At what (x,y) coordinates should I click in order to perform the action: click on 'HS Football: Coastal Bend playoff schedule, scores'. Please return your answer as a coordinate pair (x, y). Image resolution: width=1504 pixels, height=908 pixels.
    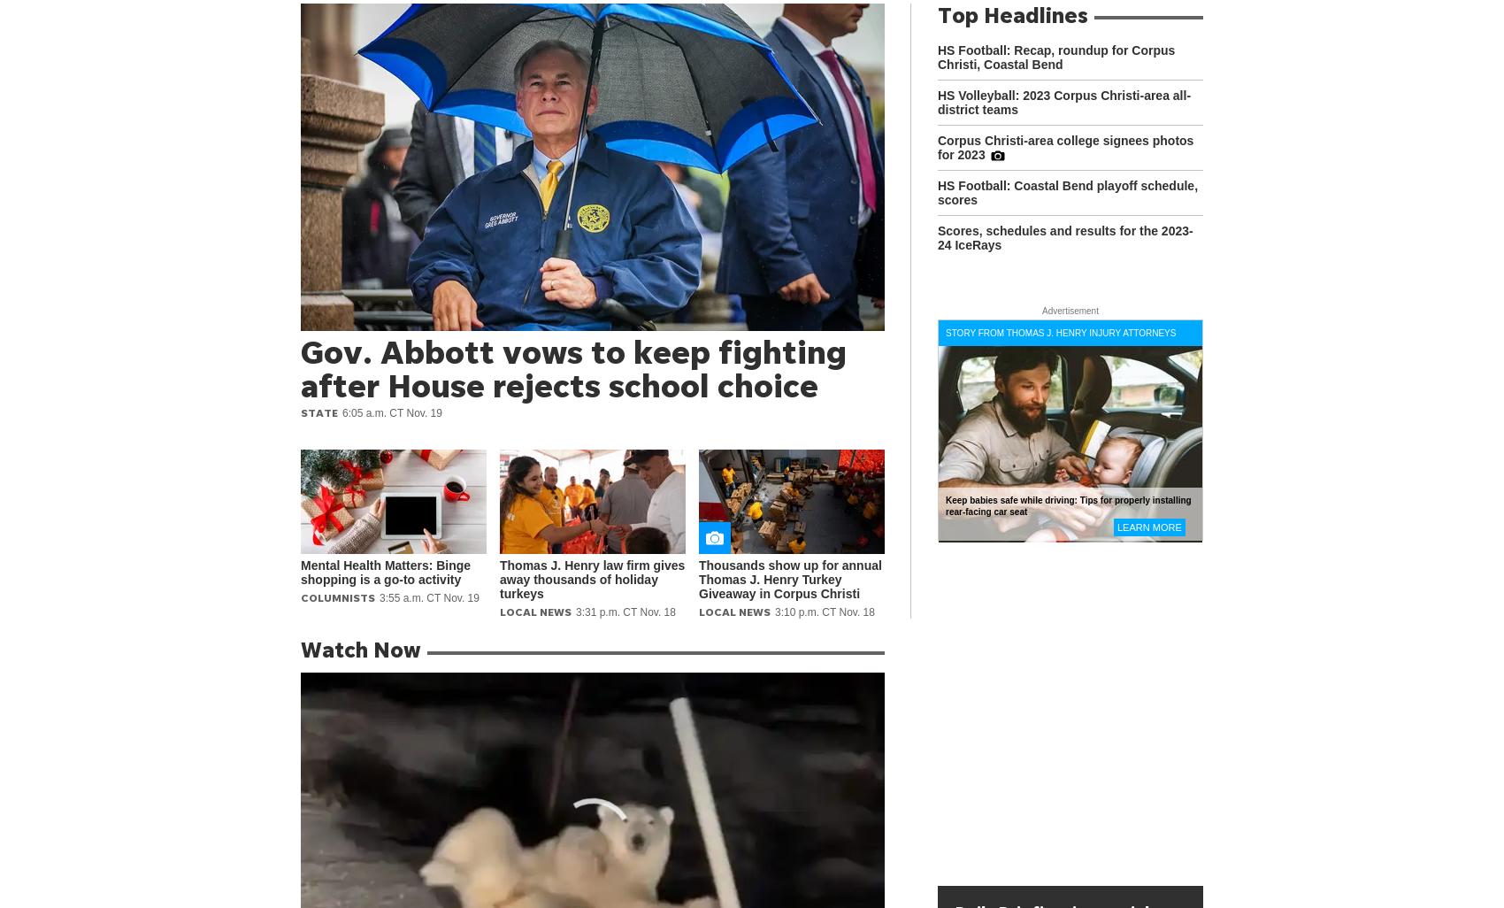
    Looking at the image, I should click on (1067, 193).